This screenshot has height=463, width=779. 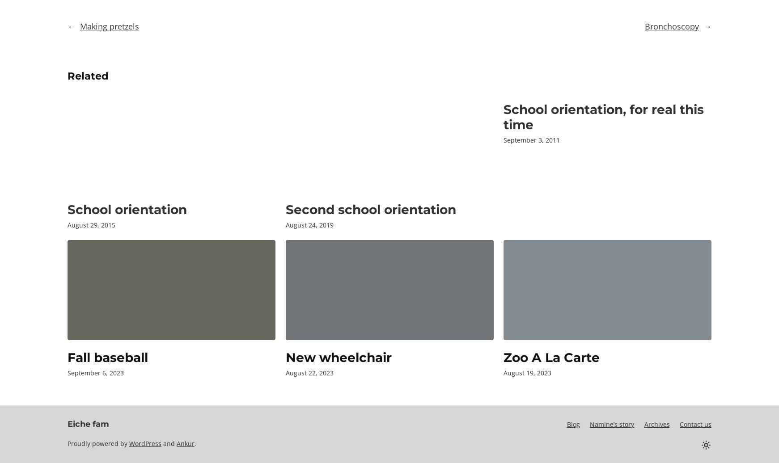 What do you see at coordinates (604, 117) in the screenshot?
I see `'School orientation, for real this time'` at bounding box center [604, 117].